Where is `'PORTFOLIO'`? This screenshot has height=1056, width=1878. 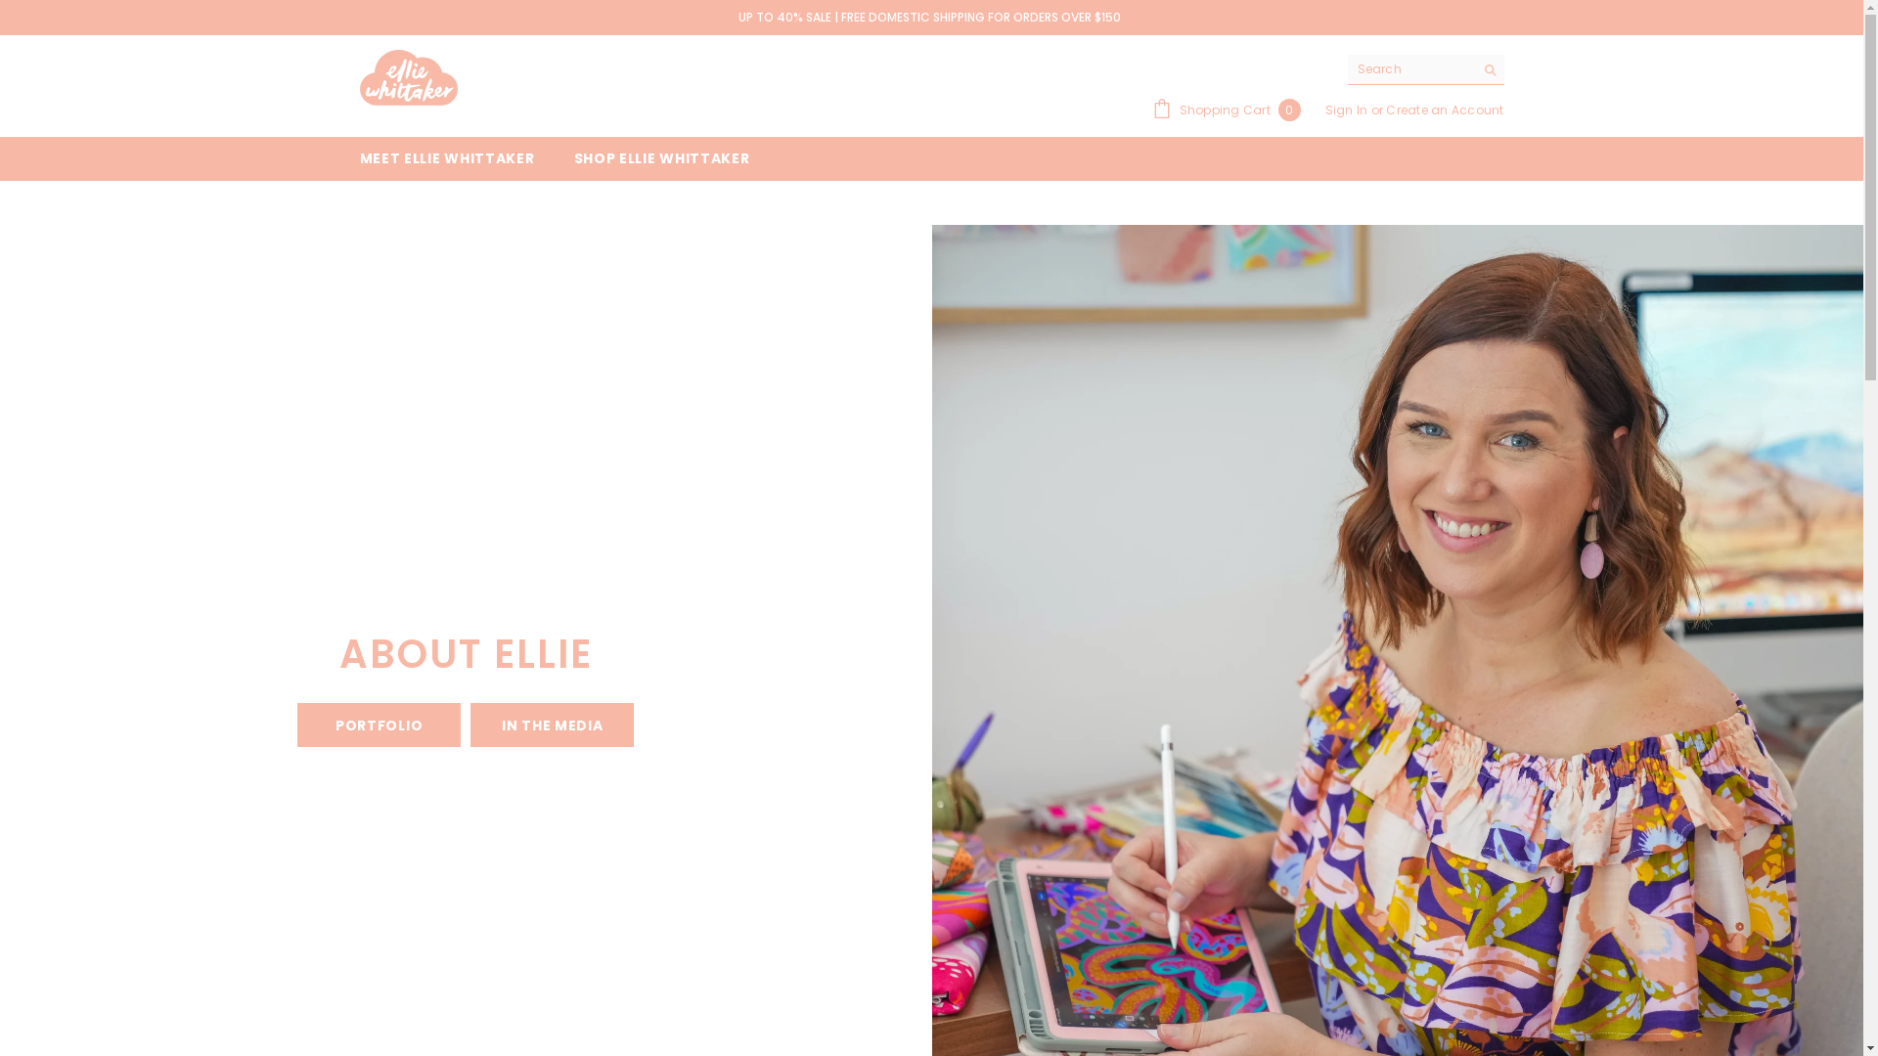 'PORTFOLIO' is located at coordinates (379, 725).